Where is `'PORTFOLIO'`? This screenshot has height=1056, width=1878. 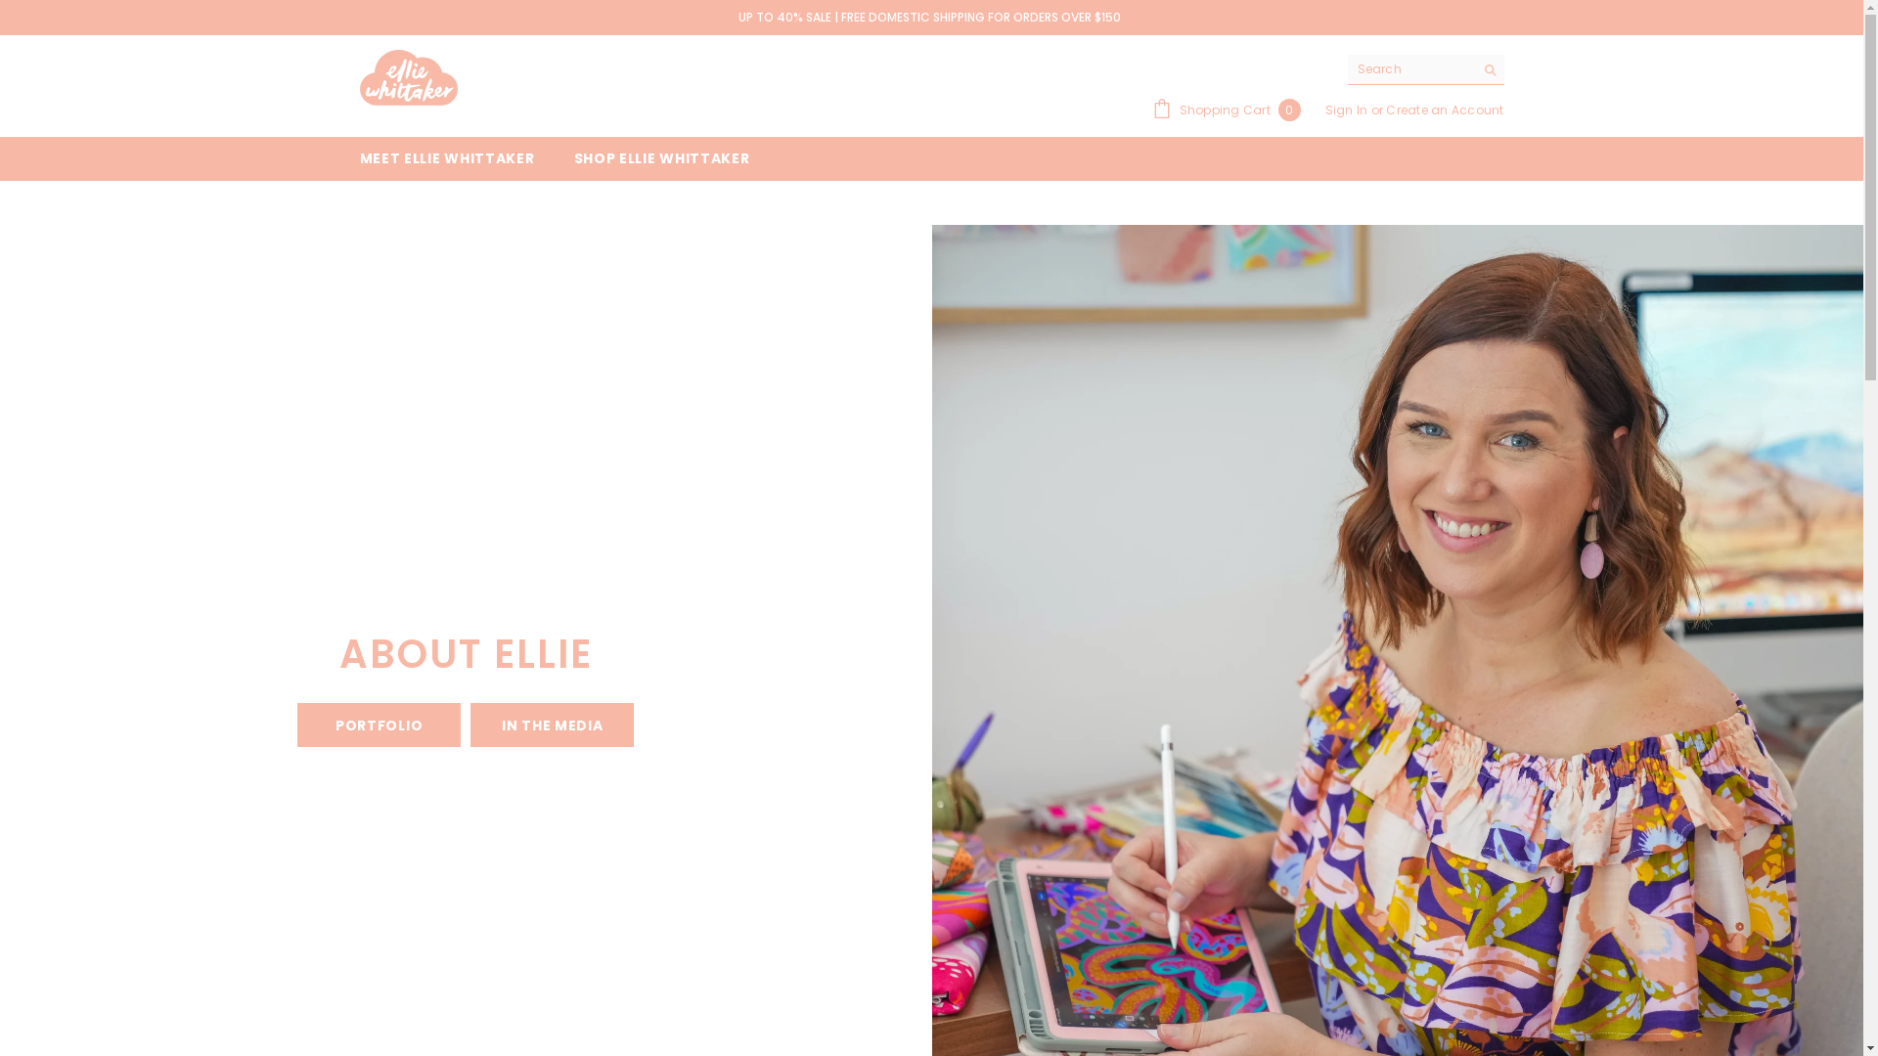 'PORTFOLIO' is located at coordinates (379, 725).